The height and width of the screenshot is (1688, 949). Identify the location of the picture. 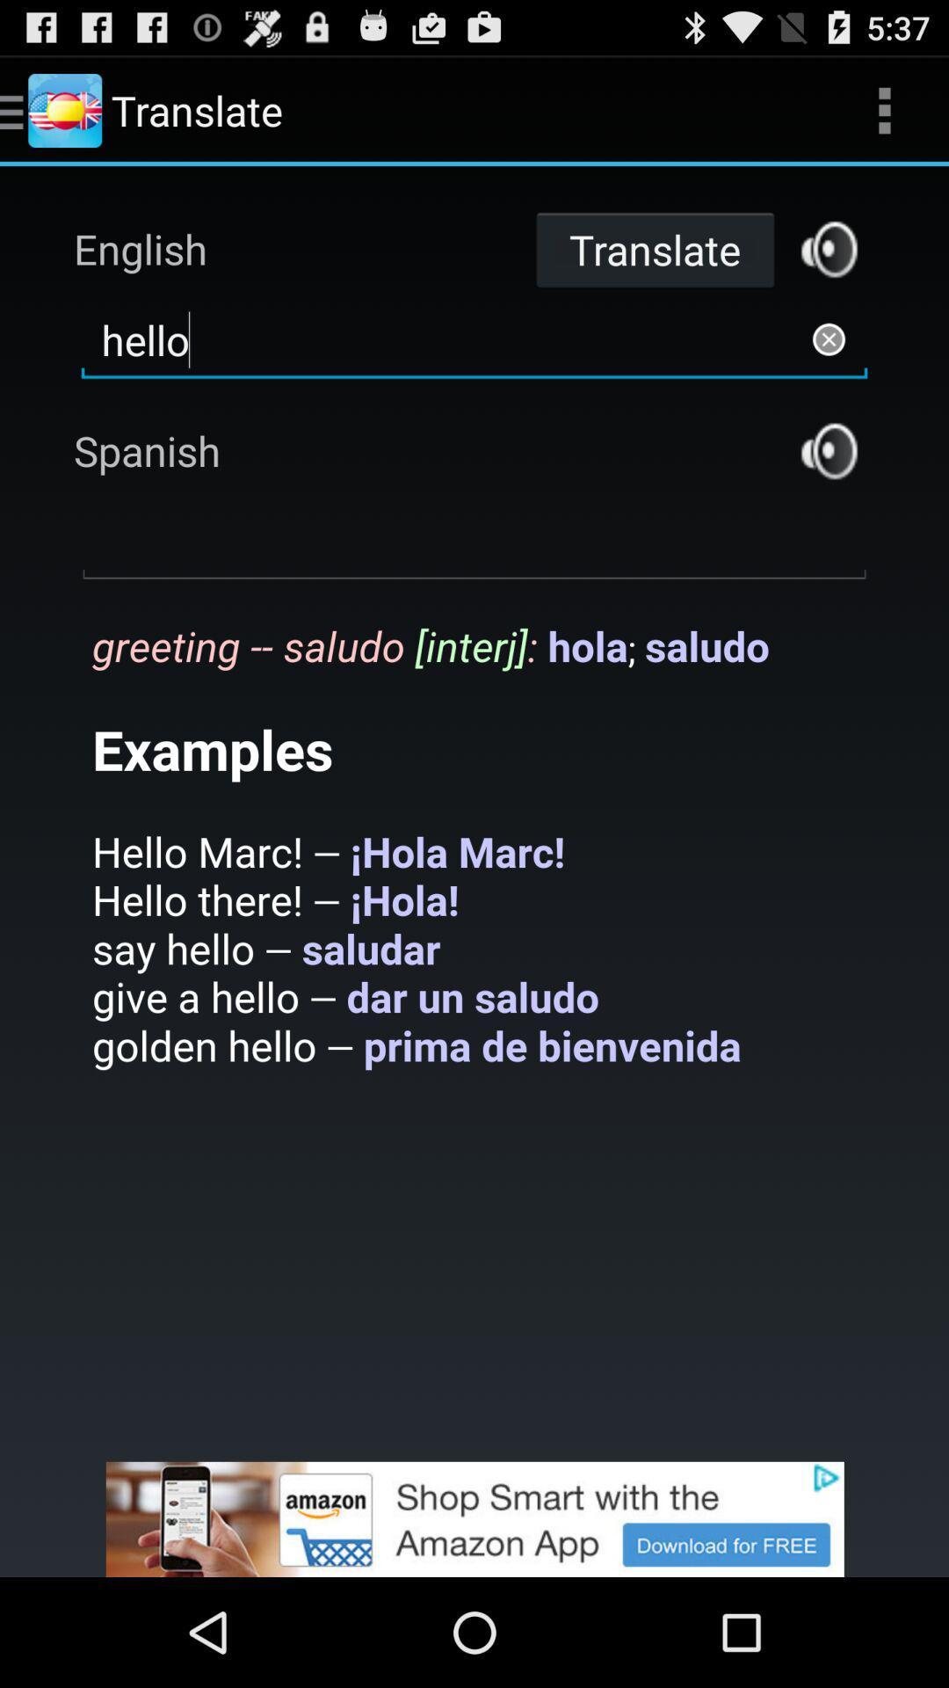
(474, 1518).